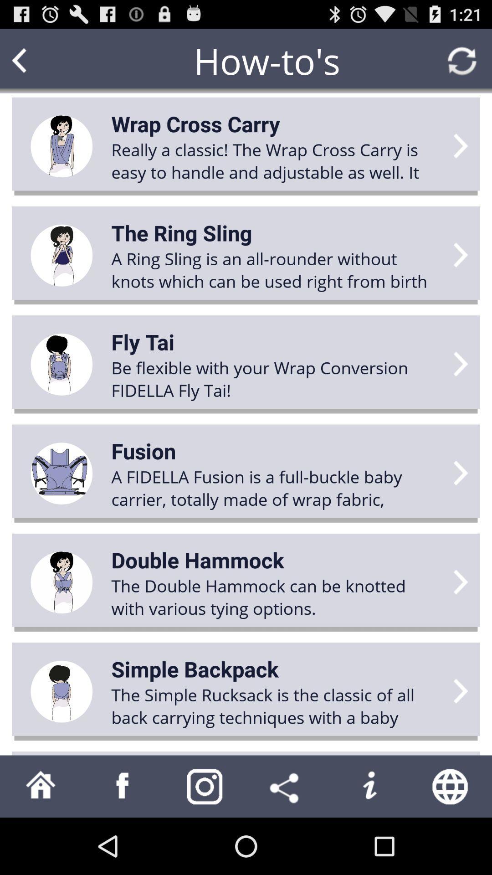  I want to click on the app below the the double hammock item, so click(195, 669).